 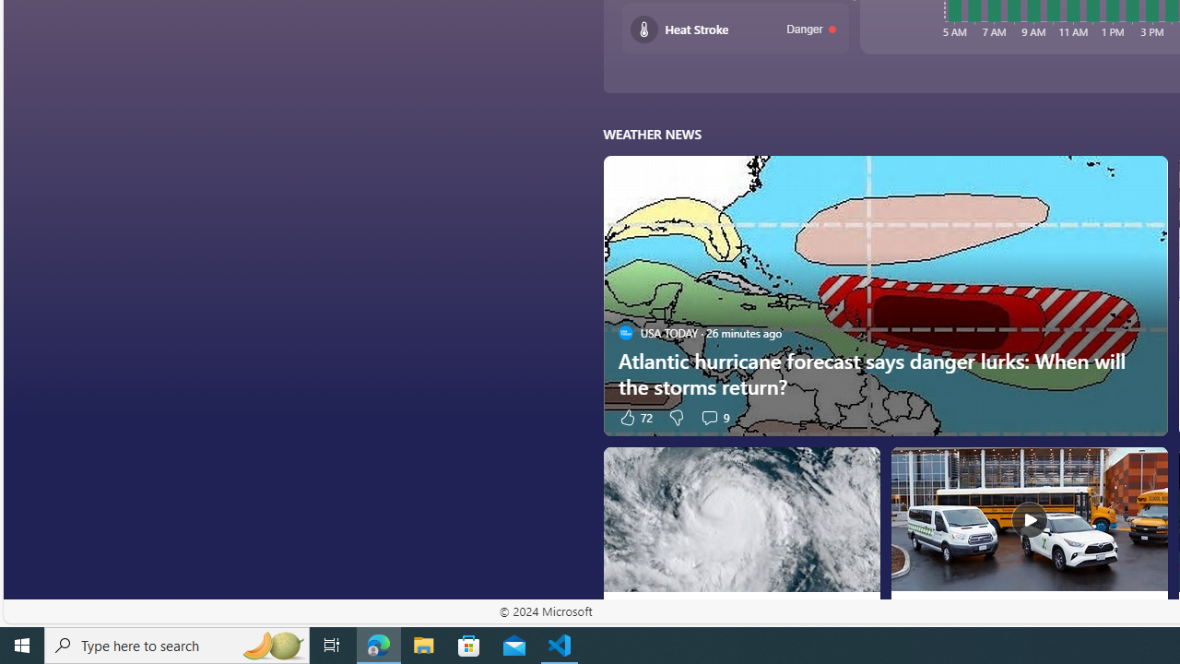 What do you see at coordinates (708, 417) in the screenshot?
I see `'View comments 9 Comment'` at bounding box center [708, 417].